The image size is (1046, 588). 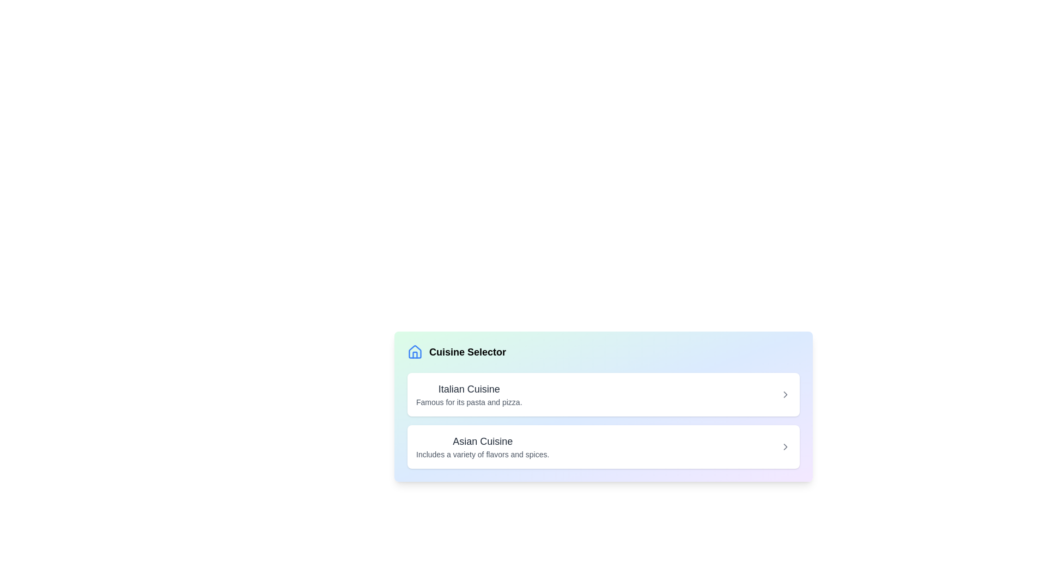 I want to click on the right-facing chevron icon associated with the 'Asian Cuisine' list item, so click(x=785, y=447).